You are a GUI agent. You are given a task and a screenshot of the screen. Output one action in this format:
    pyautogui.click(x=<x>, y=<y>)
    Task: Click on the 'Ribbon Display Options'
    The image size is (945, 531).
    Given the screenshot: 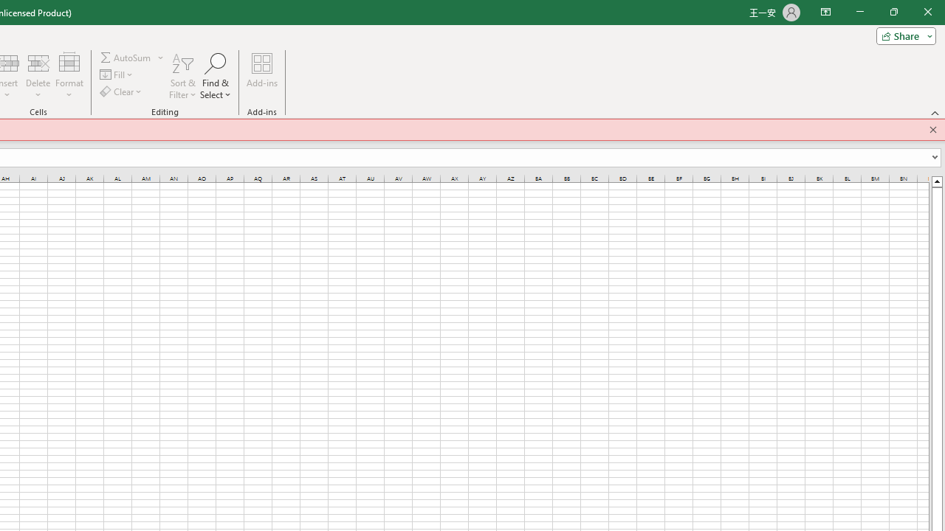 What is the action you would take?
    pyautogui.click(x=825, y=12)
    